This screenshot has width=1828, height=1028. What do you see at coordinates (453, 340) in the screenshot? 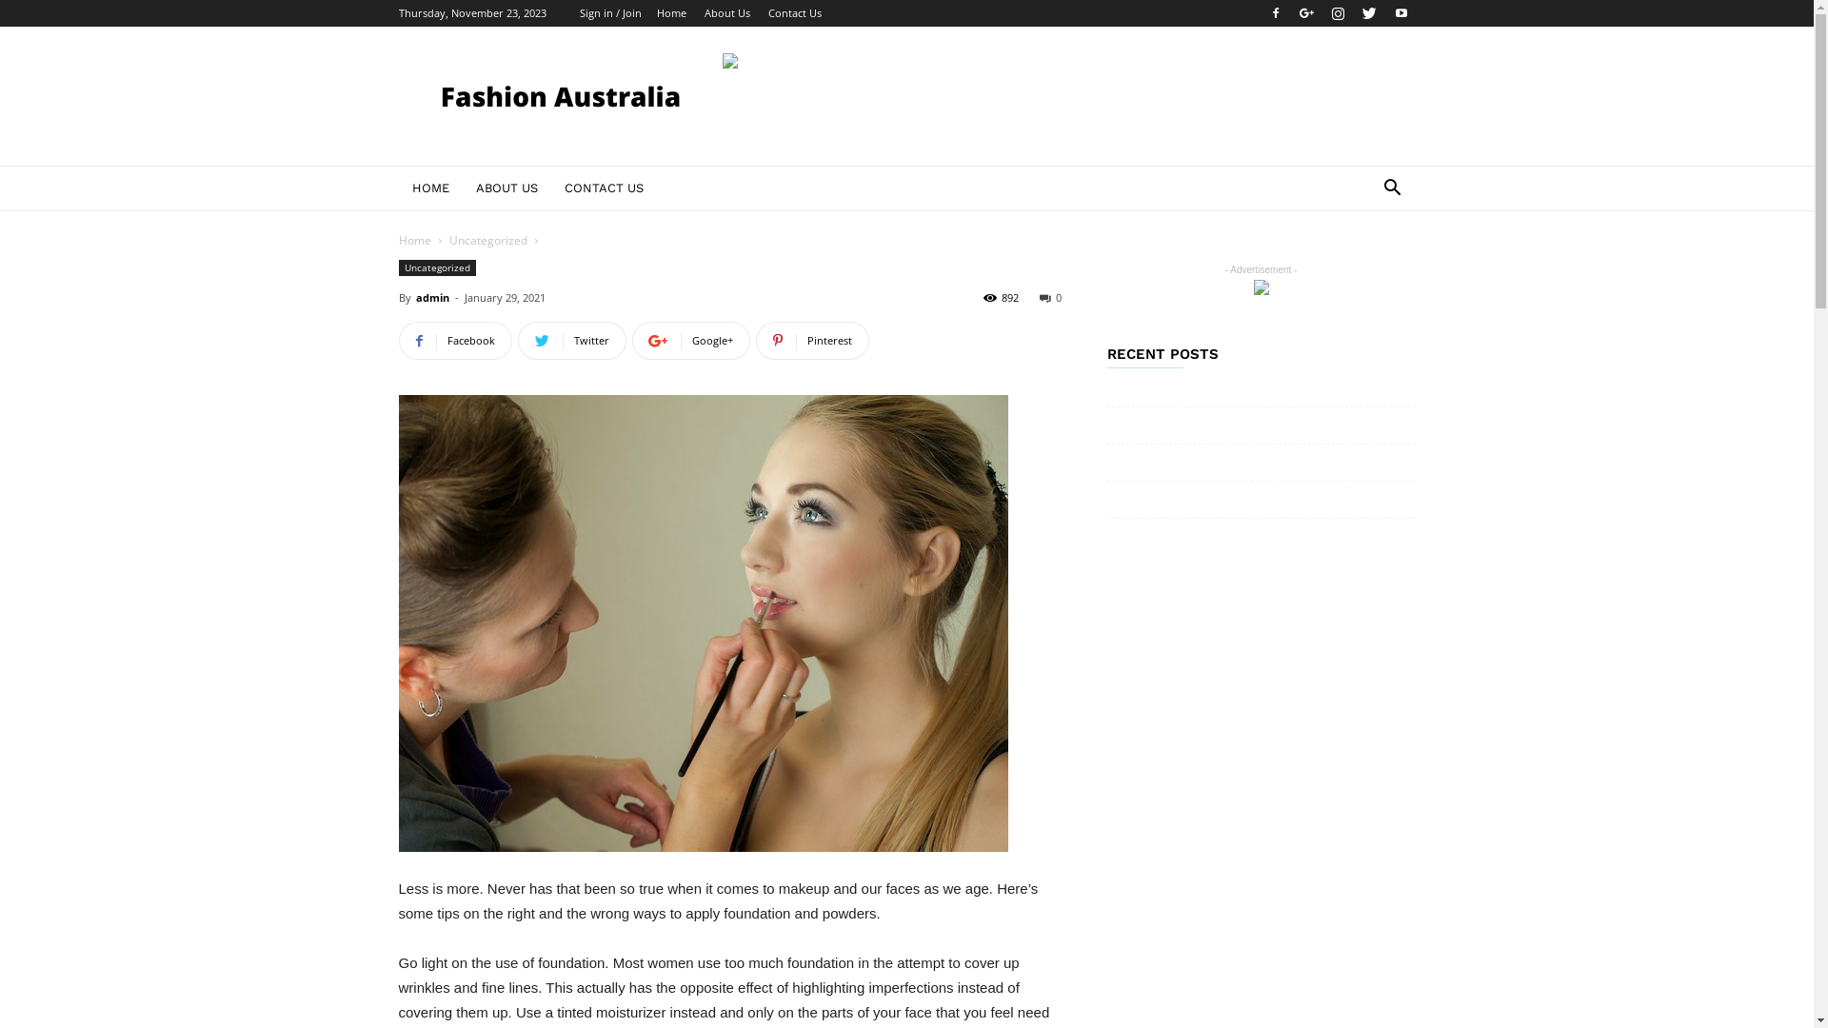
I see `'Facebook'` at bounding box center [453, 340].